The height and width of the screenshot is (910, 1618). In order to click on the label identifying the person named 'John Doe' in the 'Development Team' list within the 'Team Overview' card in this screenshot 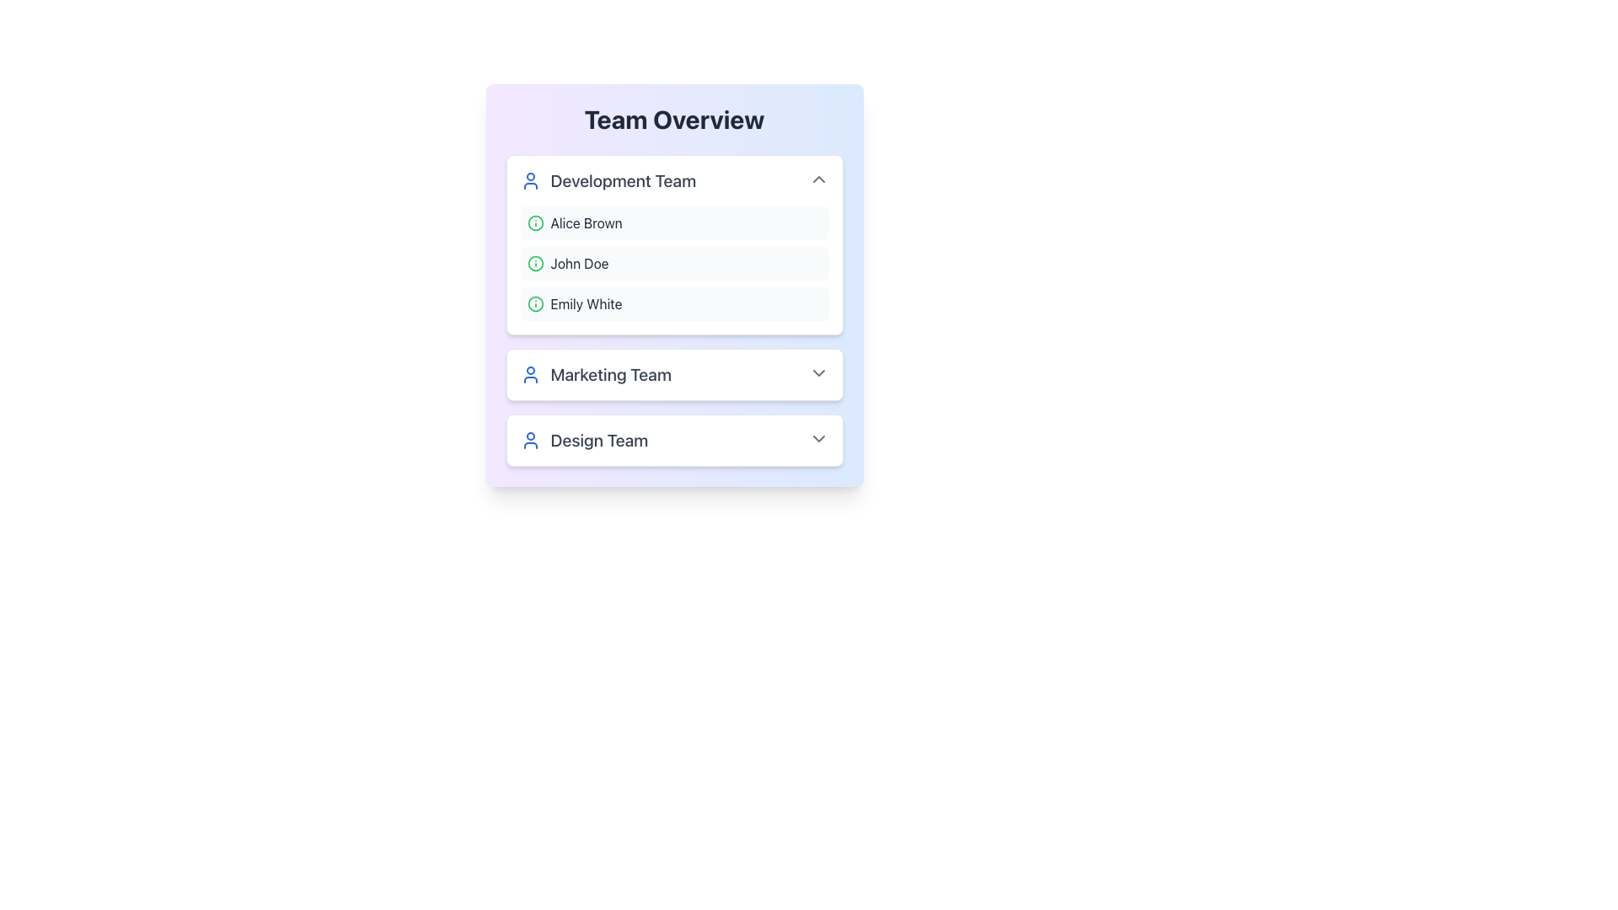, I will do `click(579, 263)`.